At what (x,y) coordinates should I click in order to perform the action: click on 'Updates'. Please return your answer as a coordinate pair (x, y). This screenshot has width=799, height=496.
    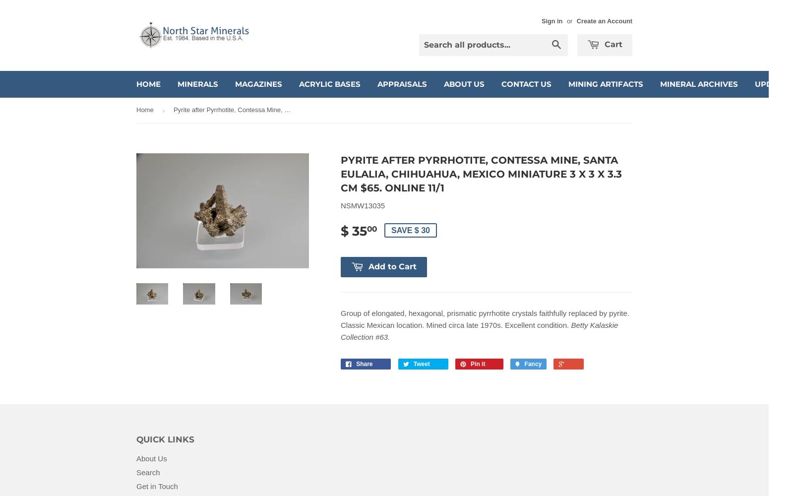
    Looking at the image, I should click on (772, 84).